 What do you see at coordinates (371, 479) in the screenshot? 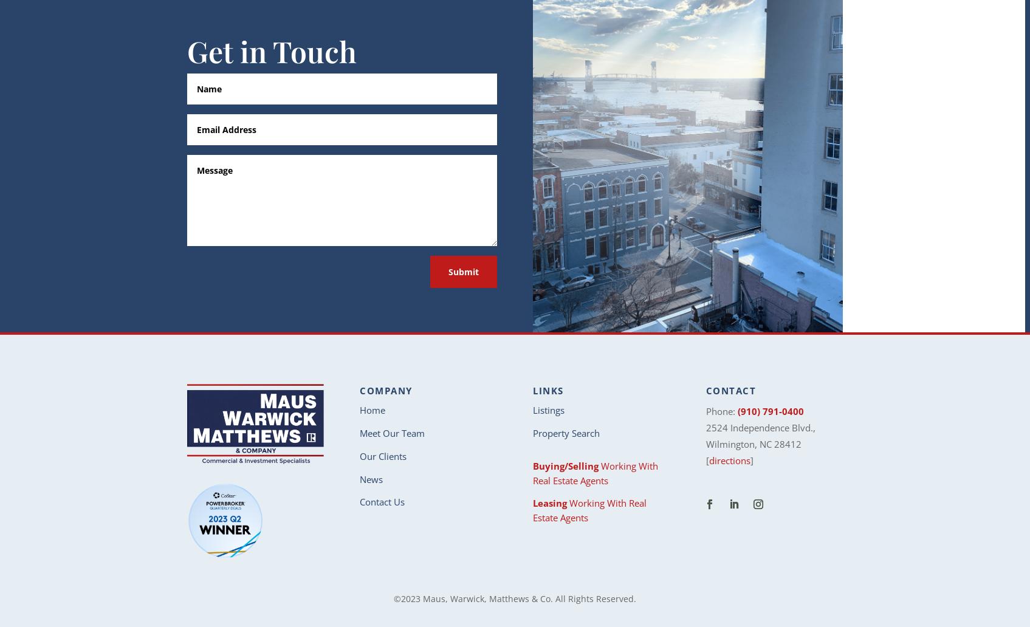
I see `'News'` at bounding box center [371, 479].